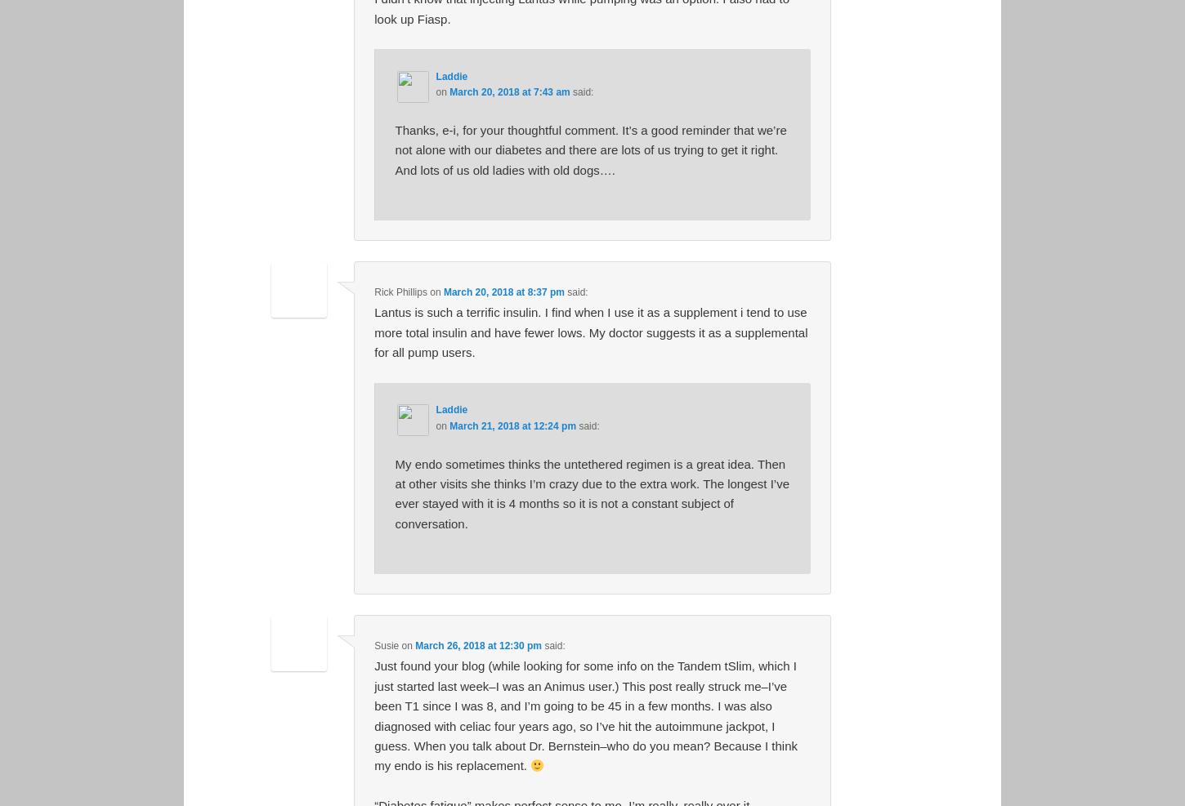 This screenshot has width=1185, height=806. Describe the element at coordinates (414, 645) in the screenshot. I see `'March 26, 2018 at 12:30 pm'` at that location.